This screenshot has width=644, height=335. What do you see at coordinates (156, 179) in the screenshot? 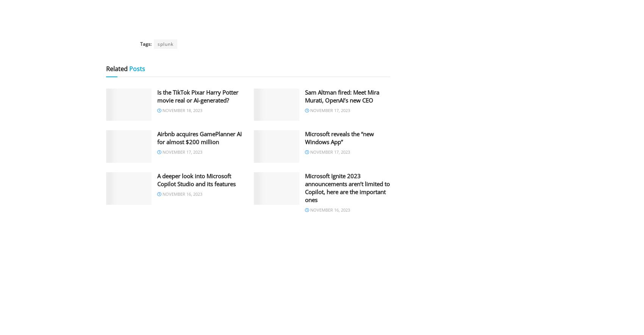
I see `'A deeper look into Microsoft Copilot Studio and its features'` at bounding box center [156, 179].